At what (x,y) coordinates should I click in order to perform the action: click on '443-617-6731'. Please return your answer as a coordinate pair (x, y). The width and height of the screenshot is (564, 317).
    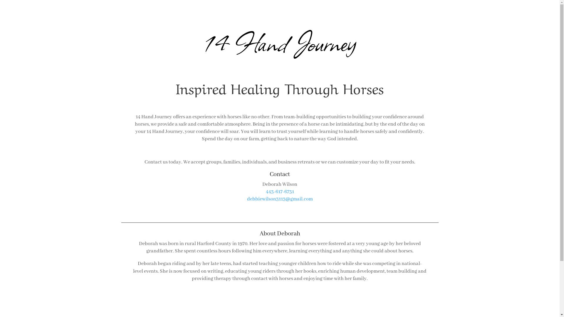
    Looking at the image, I should click on (265, 192).